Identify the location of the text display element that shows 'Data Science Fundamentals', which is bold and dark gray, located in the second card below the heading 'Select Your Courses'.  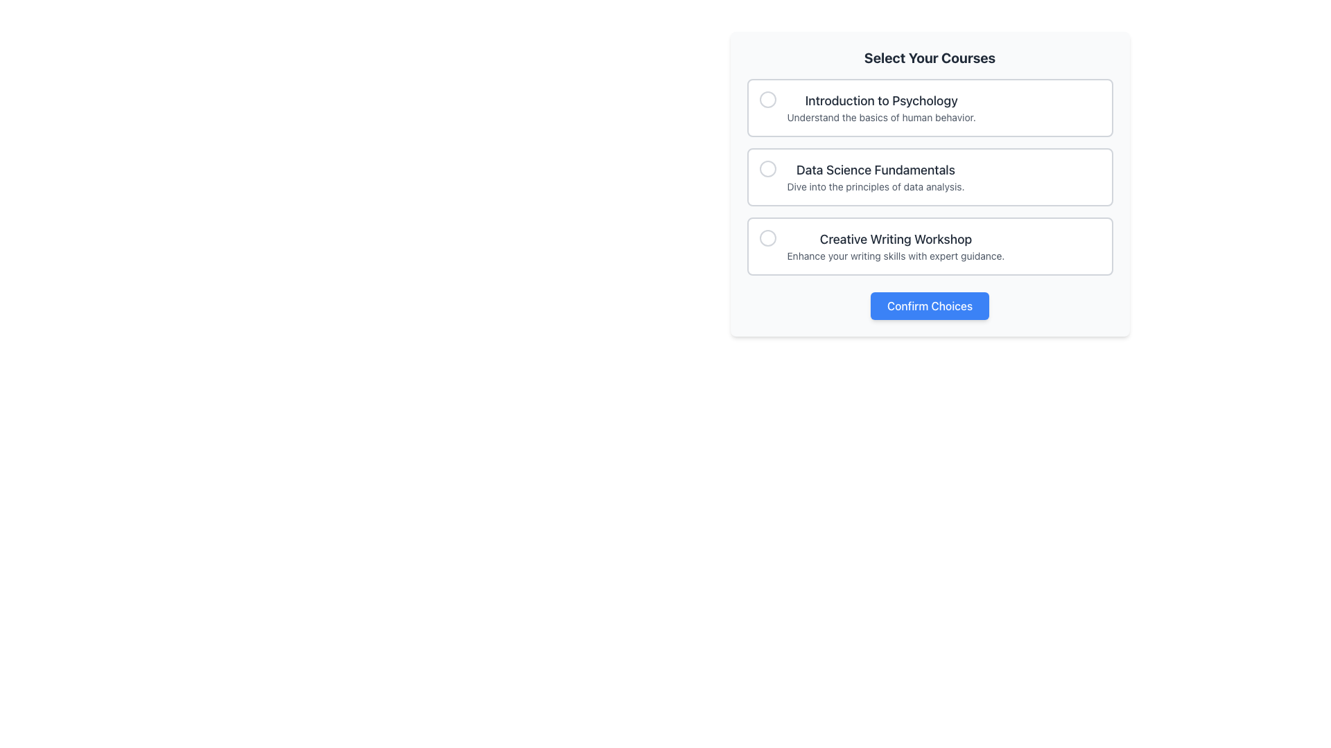
(875, 170).